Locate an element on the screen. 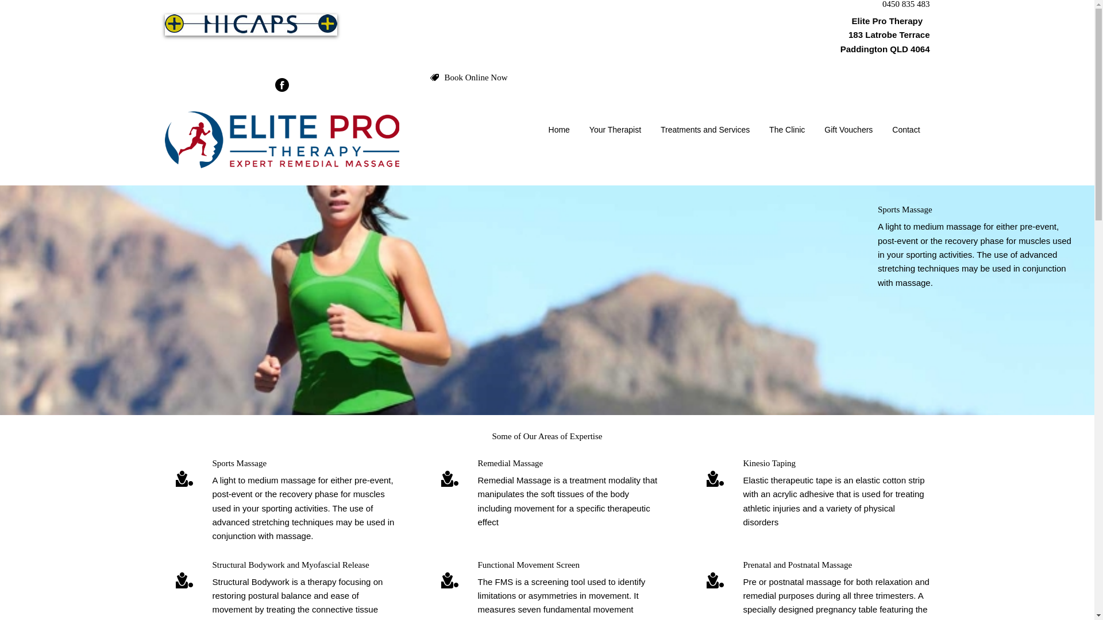 The image size is (1103, 620). 'Contact' is located at coordinates (882, 129).